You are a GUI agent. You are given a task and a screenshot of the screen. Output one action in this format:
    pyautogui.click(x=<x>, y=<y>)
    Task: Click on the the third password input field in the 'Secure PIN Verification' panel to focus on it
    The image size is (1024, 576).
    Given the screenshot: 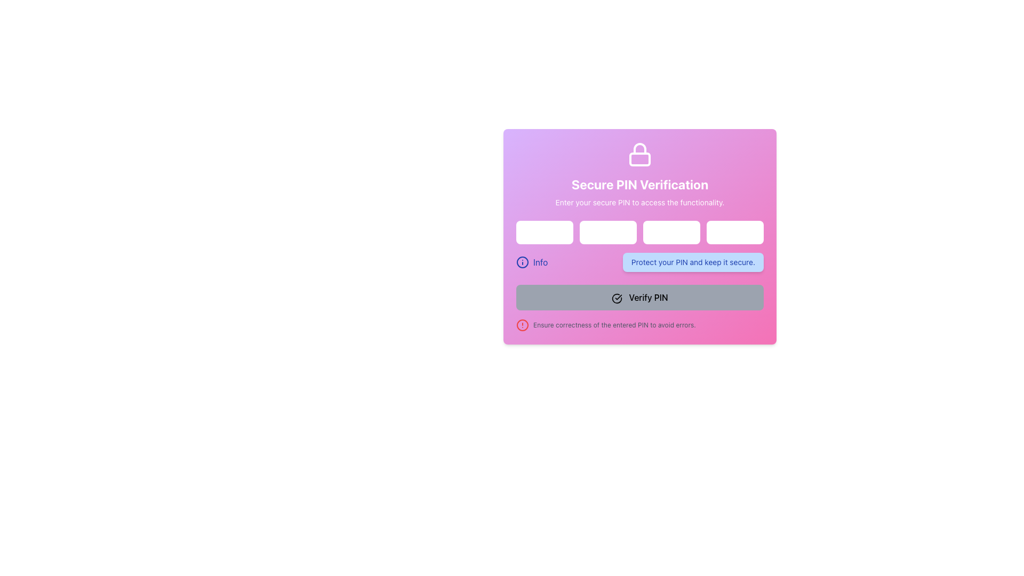 What is the action you would take?
    pyautogui.click(x=640, y=231)
    